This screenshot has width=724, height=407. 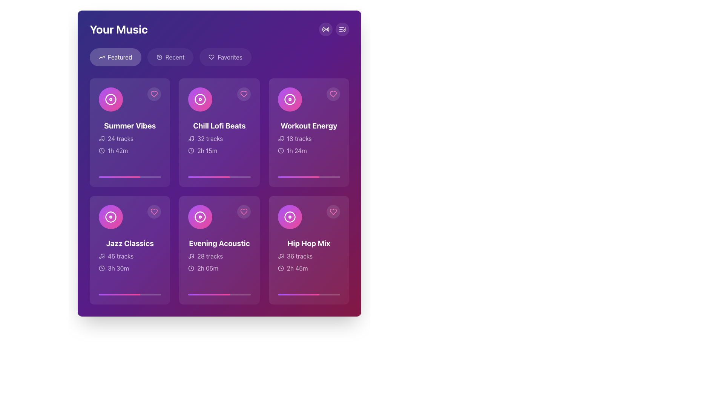 I want to click on the 'Hip Hop Mix' interactive card located at the lower right corner of the grid layout, so click(x=309, y=250).